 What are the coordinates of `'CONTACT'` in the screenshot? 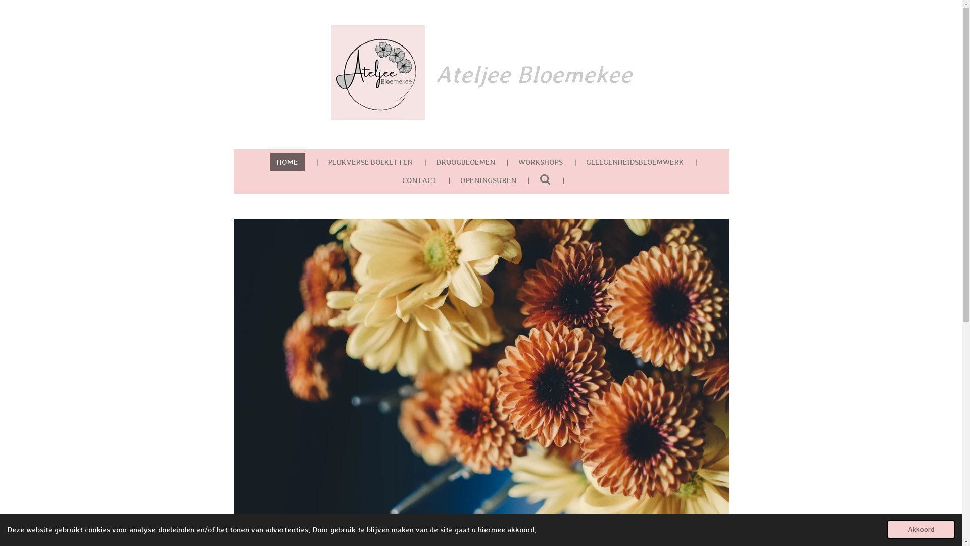 It's located at (419, 179).